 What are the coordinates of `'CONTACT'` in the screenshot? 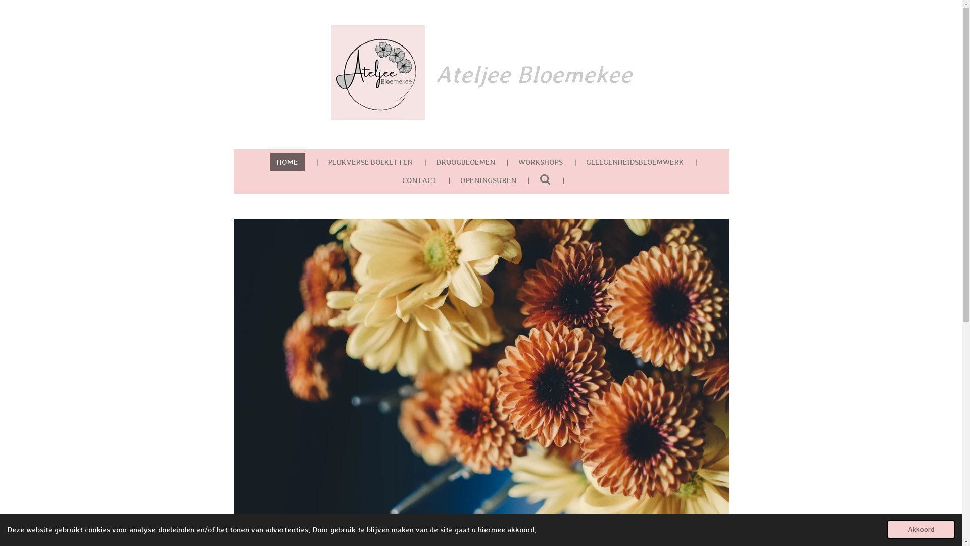 It's located at (419, 179).